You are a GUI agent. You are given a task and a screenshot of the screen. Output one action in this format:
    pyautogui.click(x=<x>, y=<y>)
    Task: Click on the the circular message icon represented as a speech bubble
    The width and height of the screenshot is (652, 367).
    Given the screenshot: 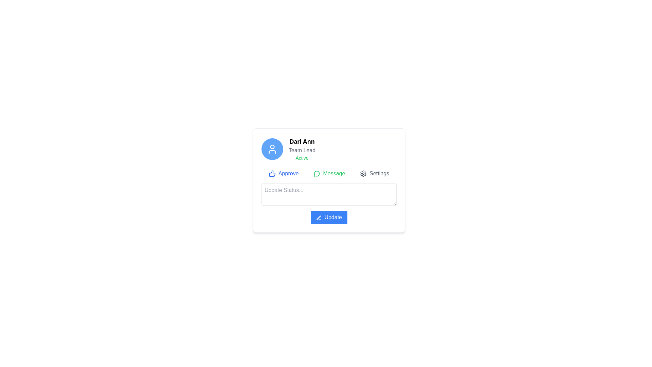 What is the action you would take?
    pyautogui.click(x=316, y=173)
    